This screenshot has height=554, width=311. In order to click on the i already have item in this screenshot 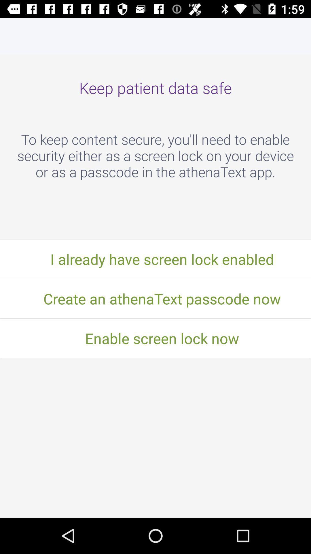, I will do `click(155, 259)`.